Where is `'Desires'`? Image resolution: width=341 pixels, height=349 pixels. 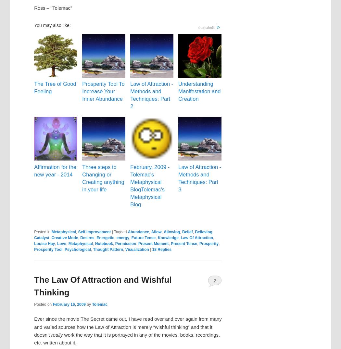
'Desires' is located at coordinates (87, 238).